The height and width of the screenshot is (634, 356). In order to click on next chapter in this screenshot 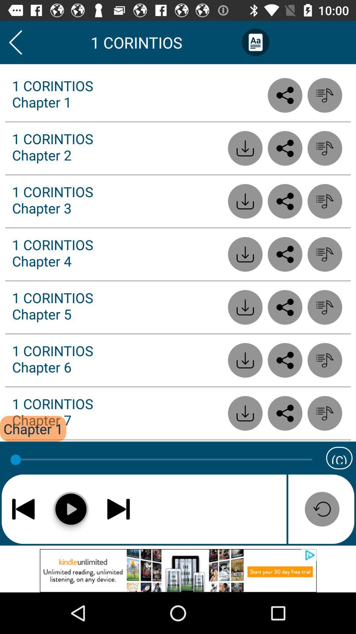, I will do `click(118, 509)`.